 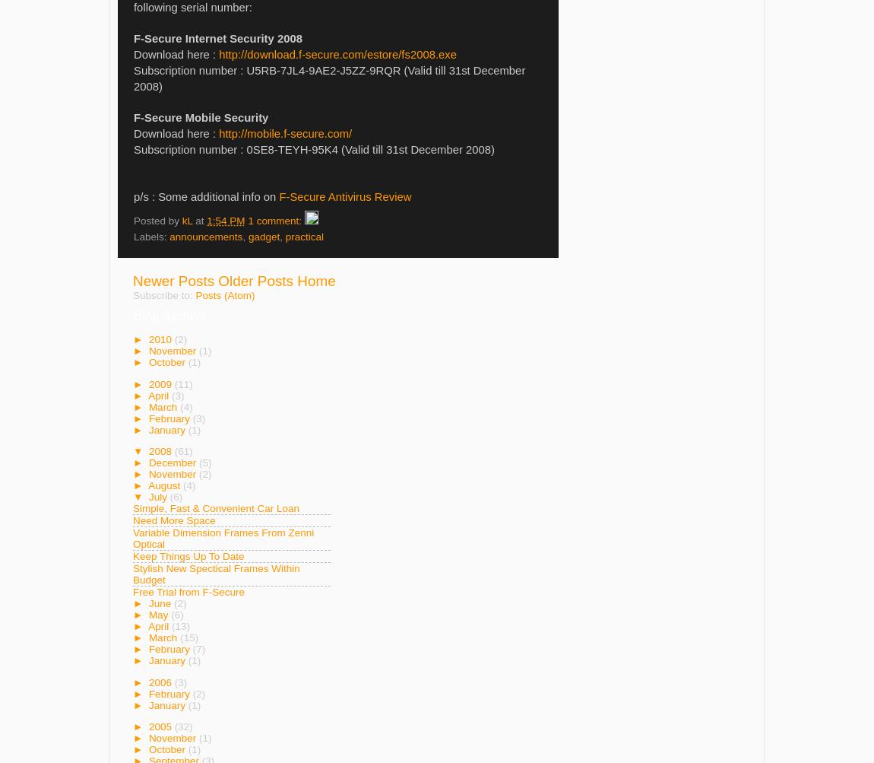 I want to click on 'F-Secure Antivirus Review', so click(x=345, y=196).